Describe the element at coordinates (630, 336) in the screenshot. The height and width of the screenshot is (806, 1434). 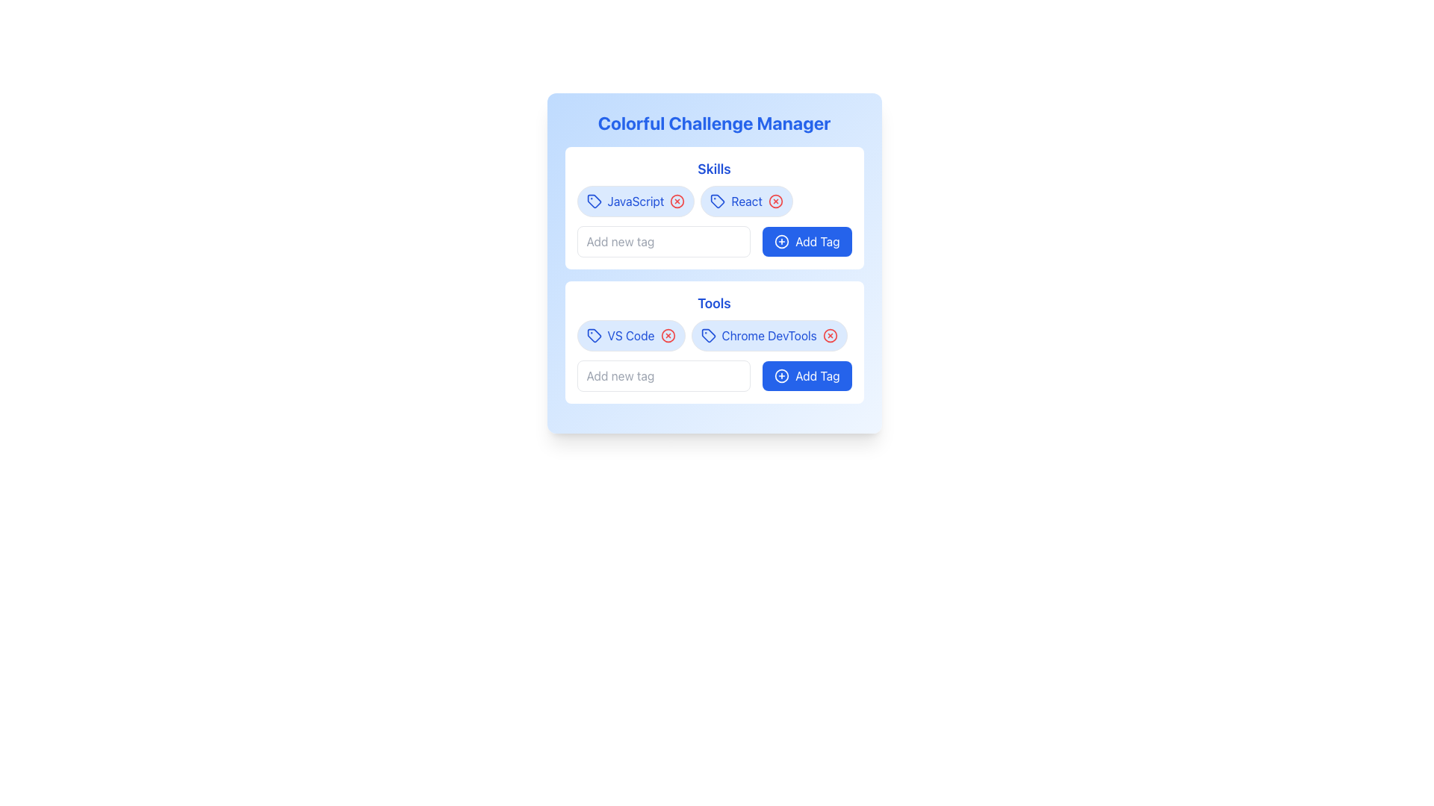
I see `the static text label displaying 'VS Code' in bold blue sans-serif font, which is the first tag in the 'Tools' section of the interface` at that location.